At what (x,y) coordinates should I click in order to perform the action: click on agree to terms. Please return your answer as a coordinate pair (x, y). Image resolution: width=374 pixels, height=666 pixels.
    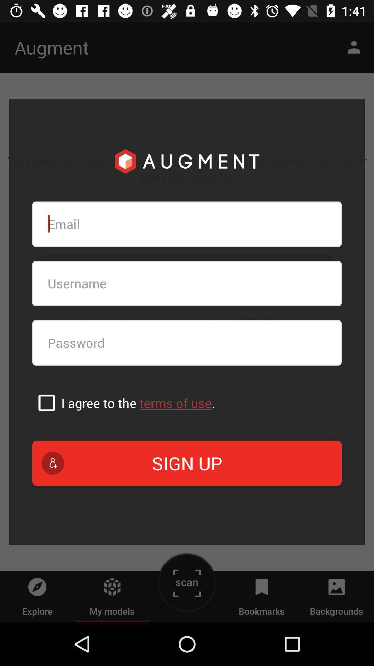
    Looking at the image, I should click on (47, 403).